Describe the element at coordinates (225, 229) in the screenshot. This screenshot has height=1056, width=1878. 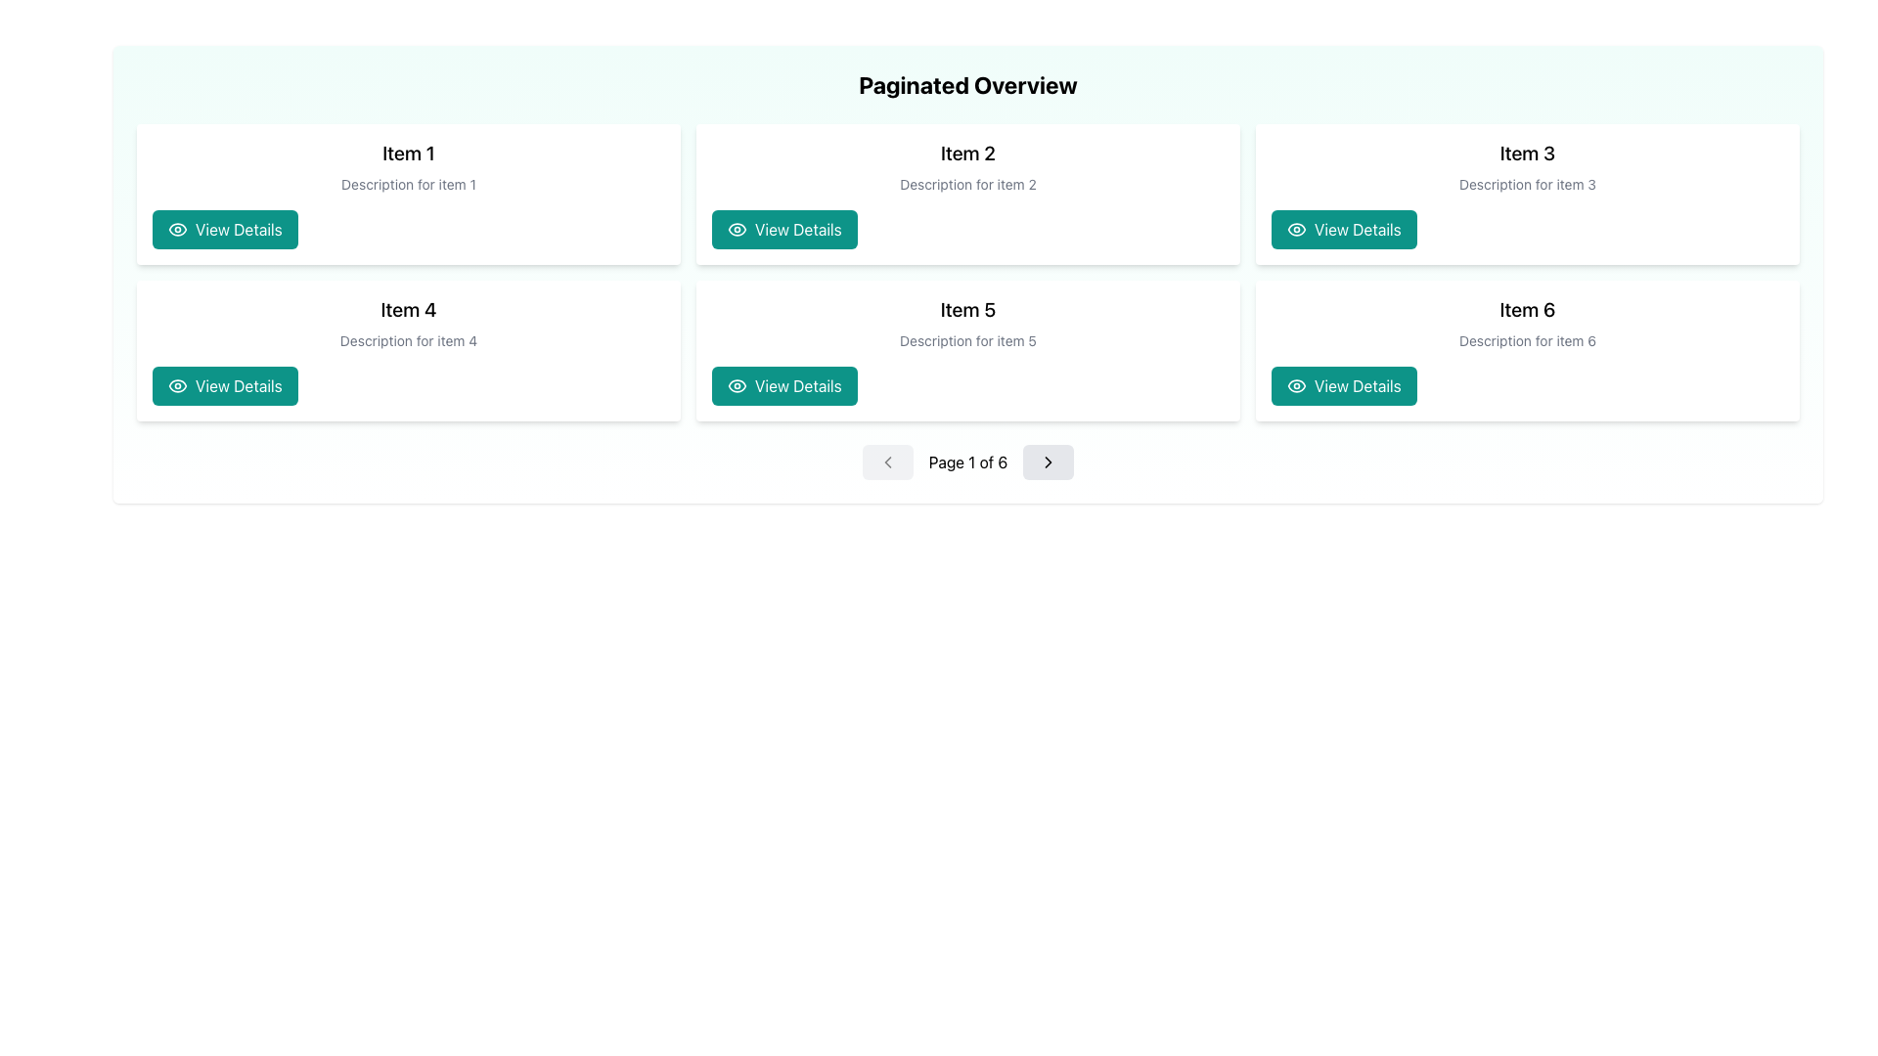
I see `the button that allows users` at that location.